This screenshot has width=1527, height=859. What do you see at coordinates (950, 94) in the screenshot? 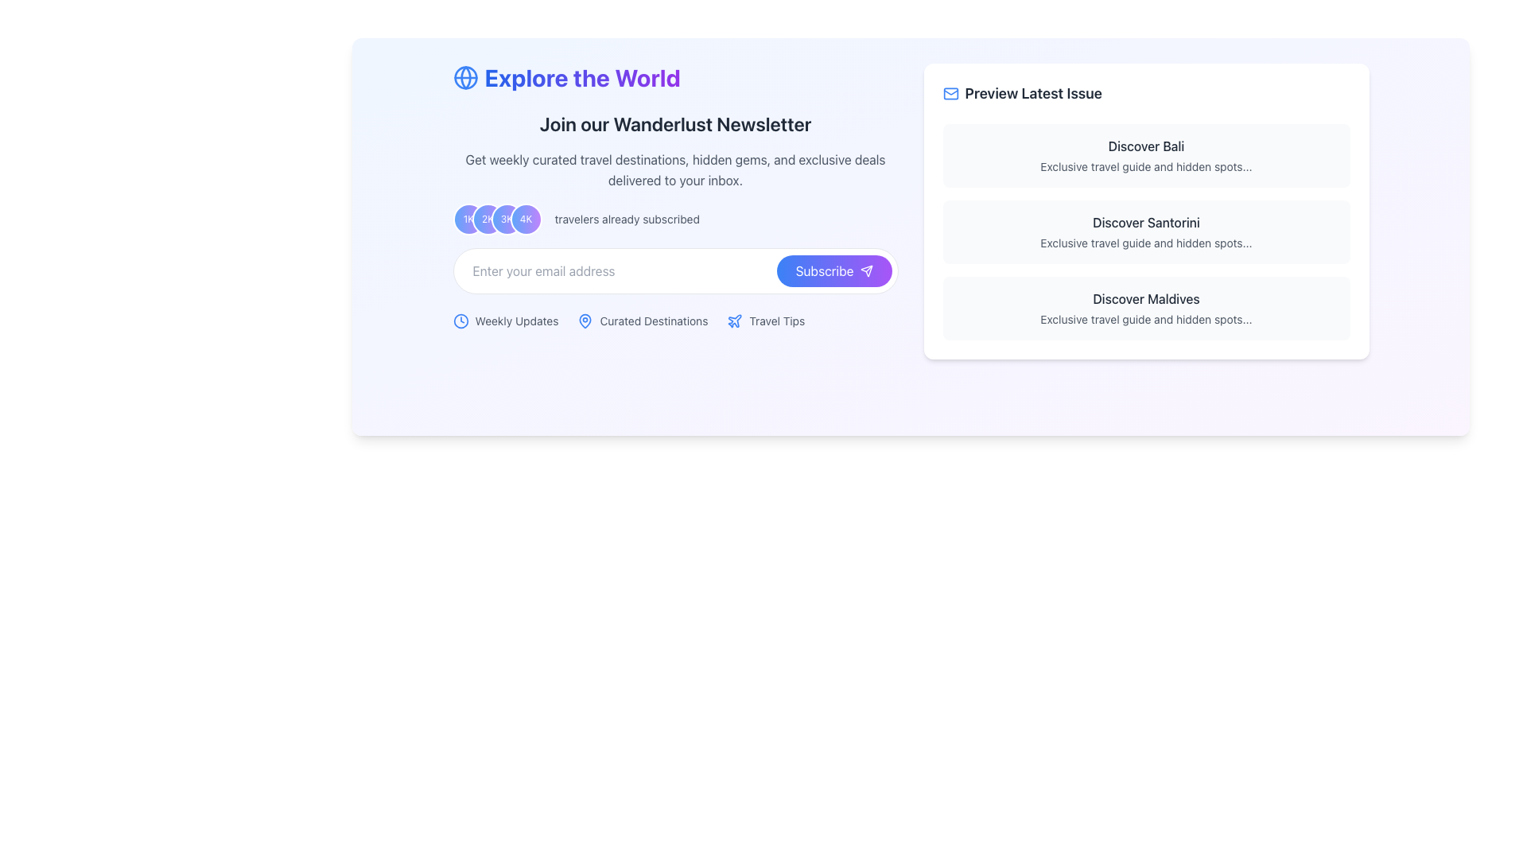
I see `the envelope body icon component, which is part of the mail symbol located to the left of the 'Preview Latest Issue' header` at bounding box center [950, 94].